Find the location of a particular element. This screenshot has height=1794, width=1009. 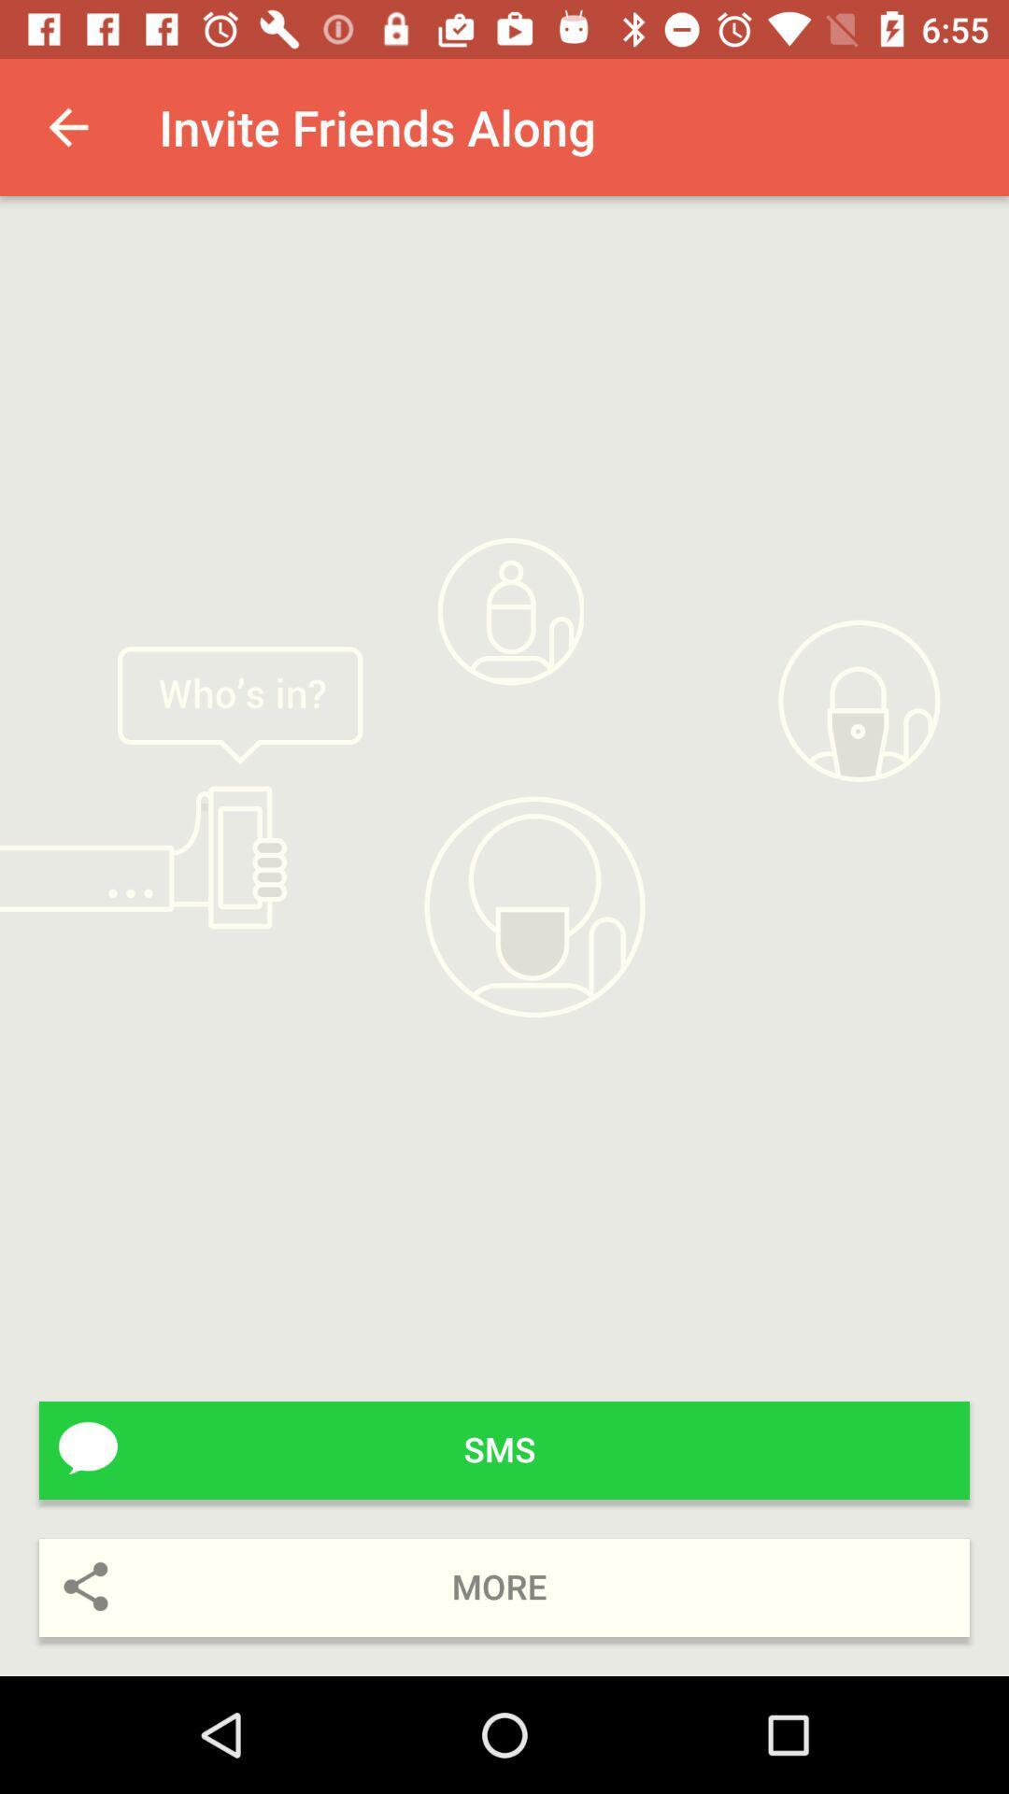

the icon at the top left corner is located at coordinates (67, 126).